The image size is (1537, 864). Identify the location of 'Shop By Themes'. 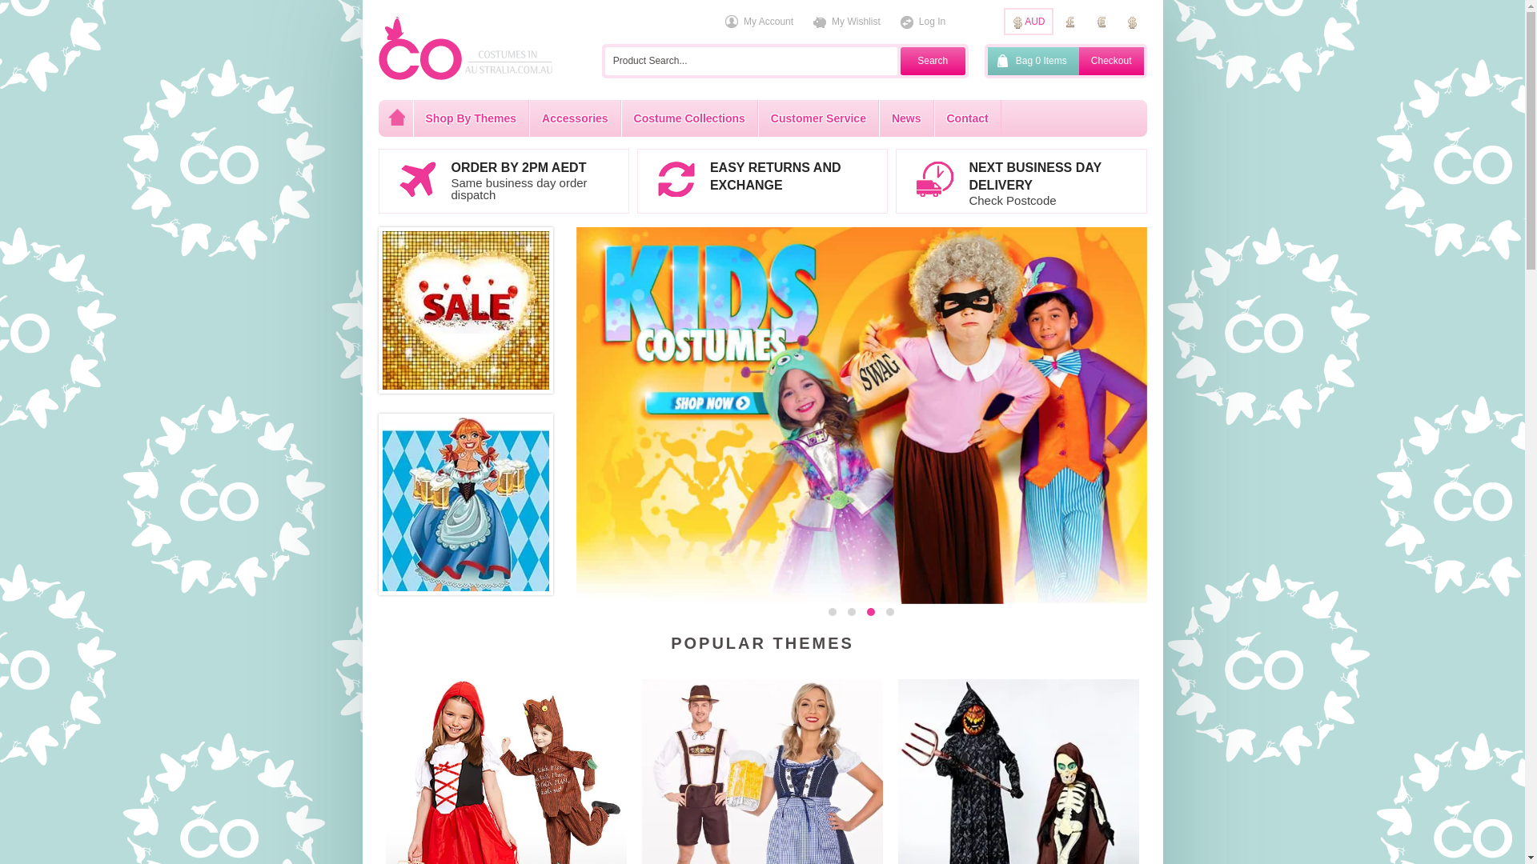
(471, 117).